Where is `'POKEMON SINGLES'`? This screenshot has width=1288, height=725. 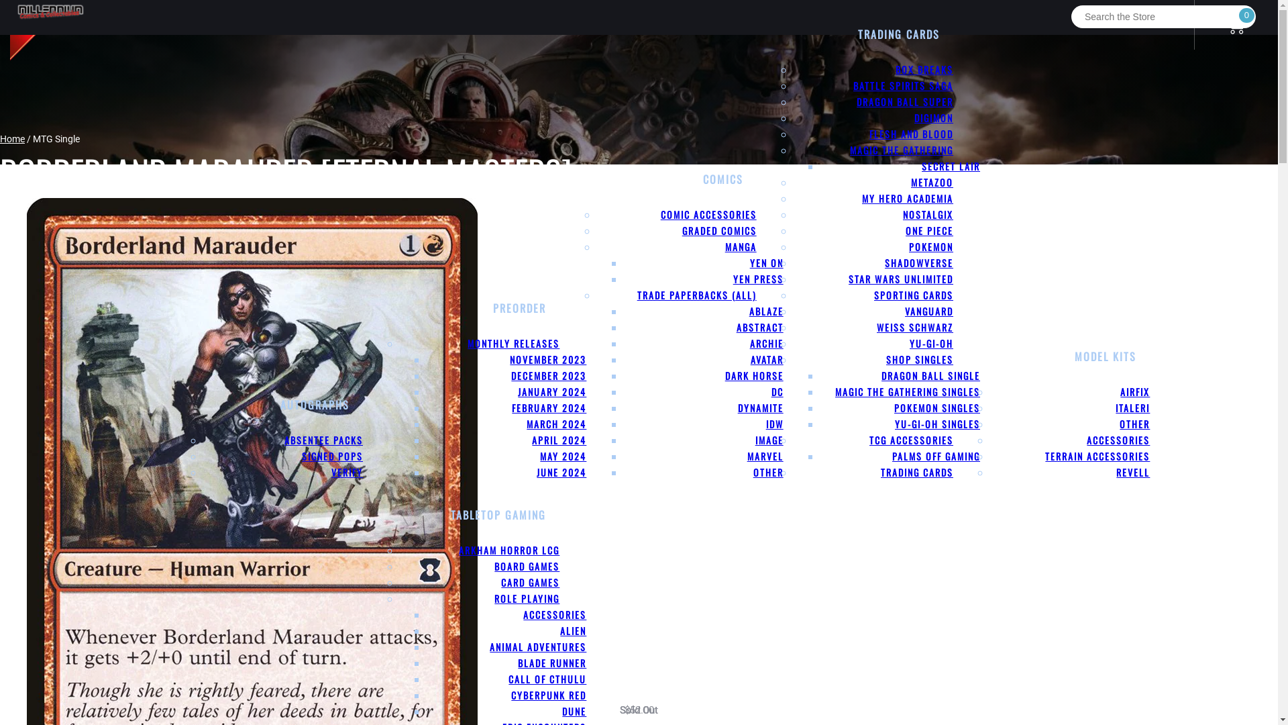 'POKEMON SINGLES' is located at coordinates (894, 407).